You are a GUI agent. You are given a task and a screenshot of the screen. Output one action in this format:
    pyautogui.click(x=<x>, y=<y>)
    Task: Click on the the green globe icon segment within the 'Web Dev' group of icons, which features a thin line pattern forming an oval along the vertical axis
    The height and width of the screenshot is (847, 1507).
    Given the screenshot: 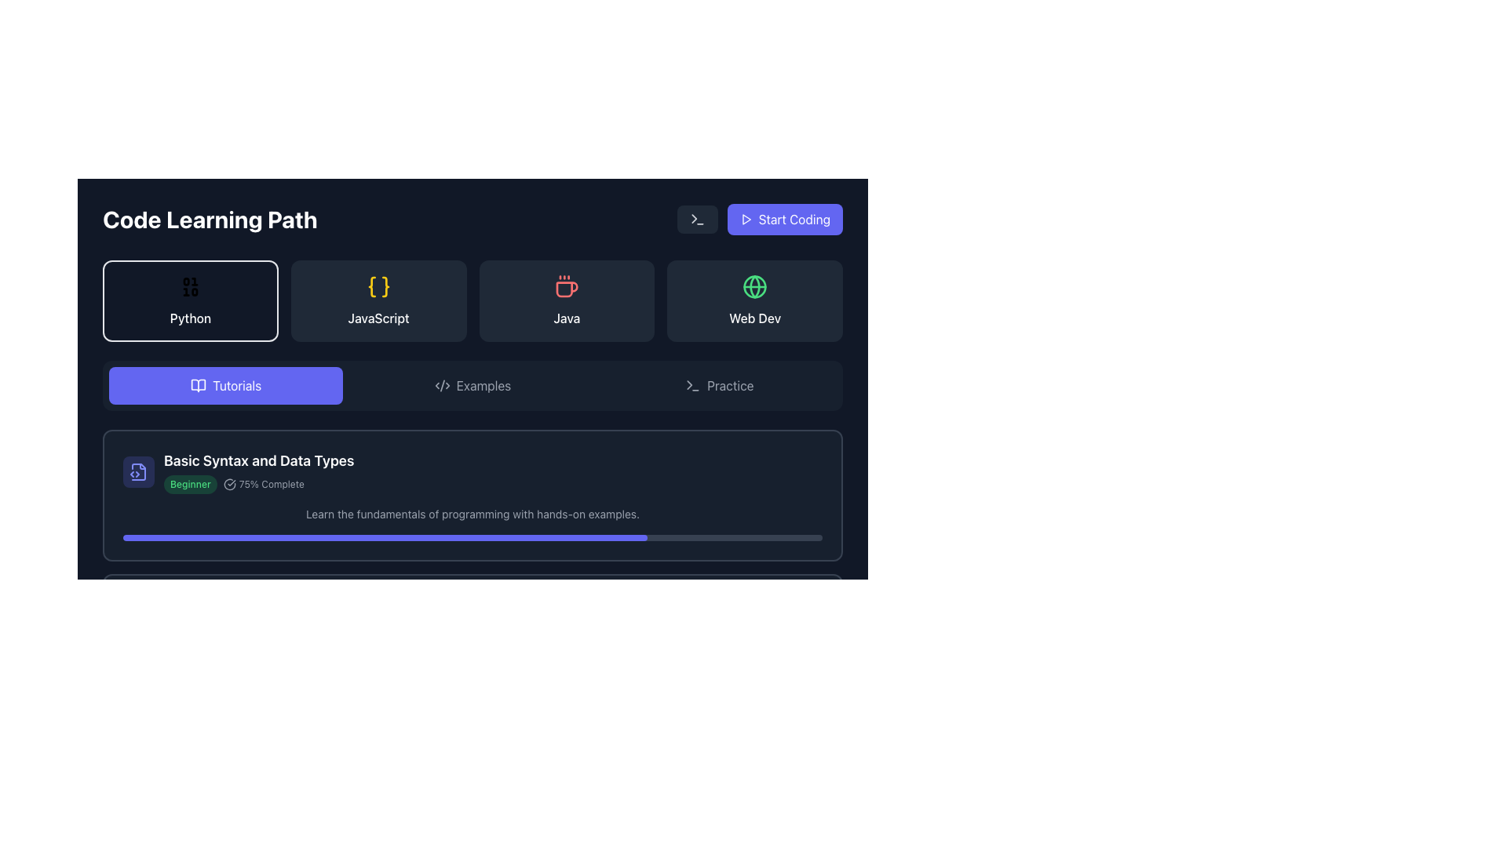 What is the action you would take?
    pyautogui.click(x=755, y=287)
    